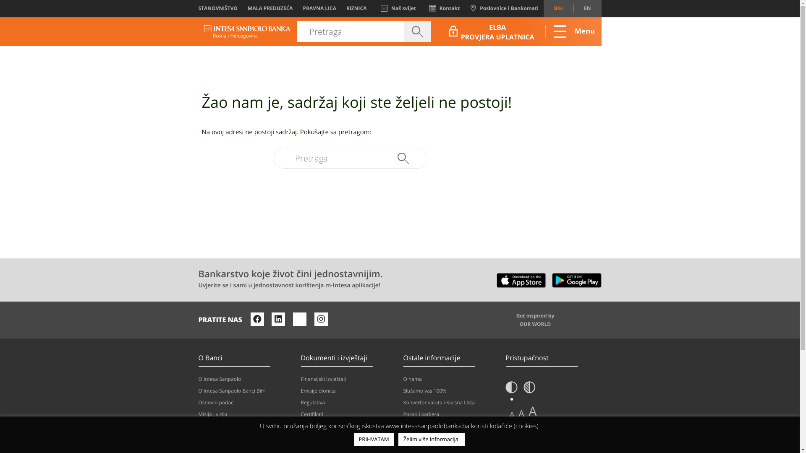 This screenshot has width=806, height=453. Describe the element at coordinates (197, 414) in the screenshot. I see `'Misija i vizija'` at that location.